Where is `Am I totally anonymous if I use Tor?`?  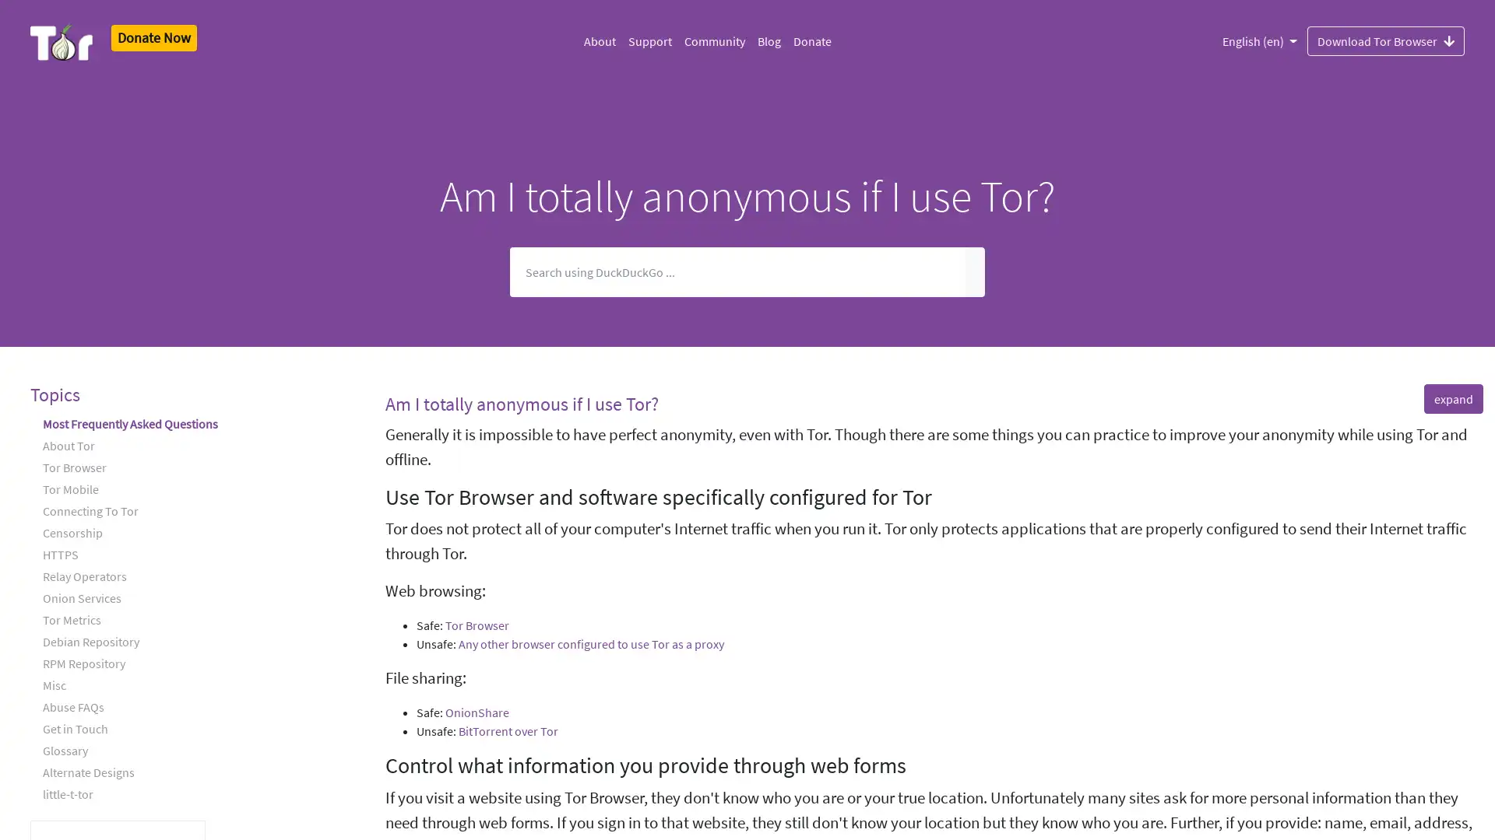
Am I totally anonymous if I use Tor? is located at coordinates (522, 402).